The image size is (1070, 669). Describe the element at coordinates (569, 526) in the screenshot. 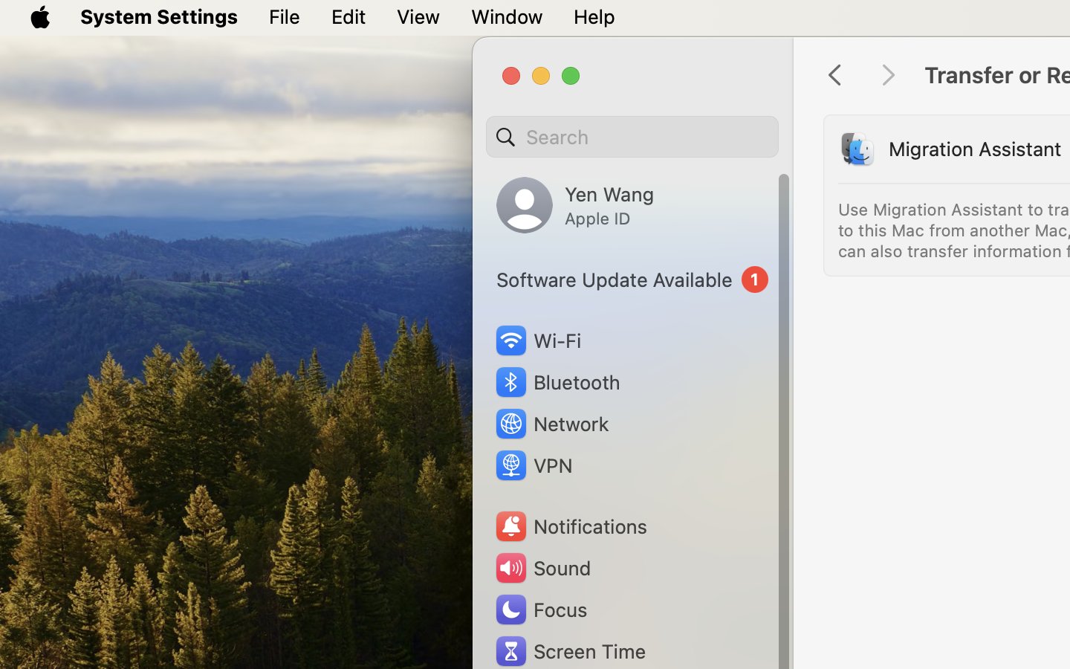

I see `'Notifications'` at that location.